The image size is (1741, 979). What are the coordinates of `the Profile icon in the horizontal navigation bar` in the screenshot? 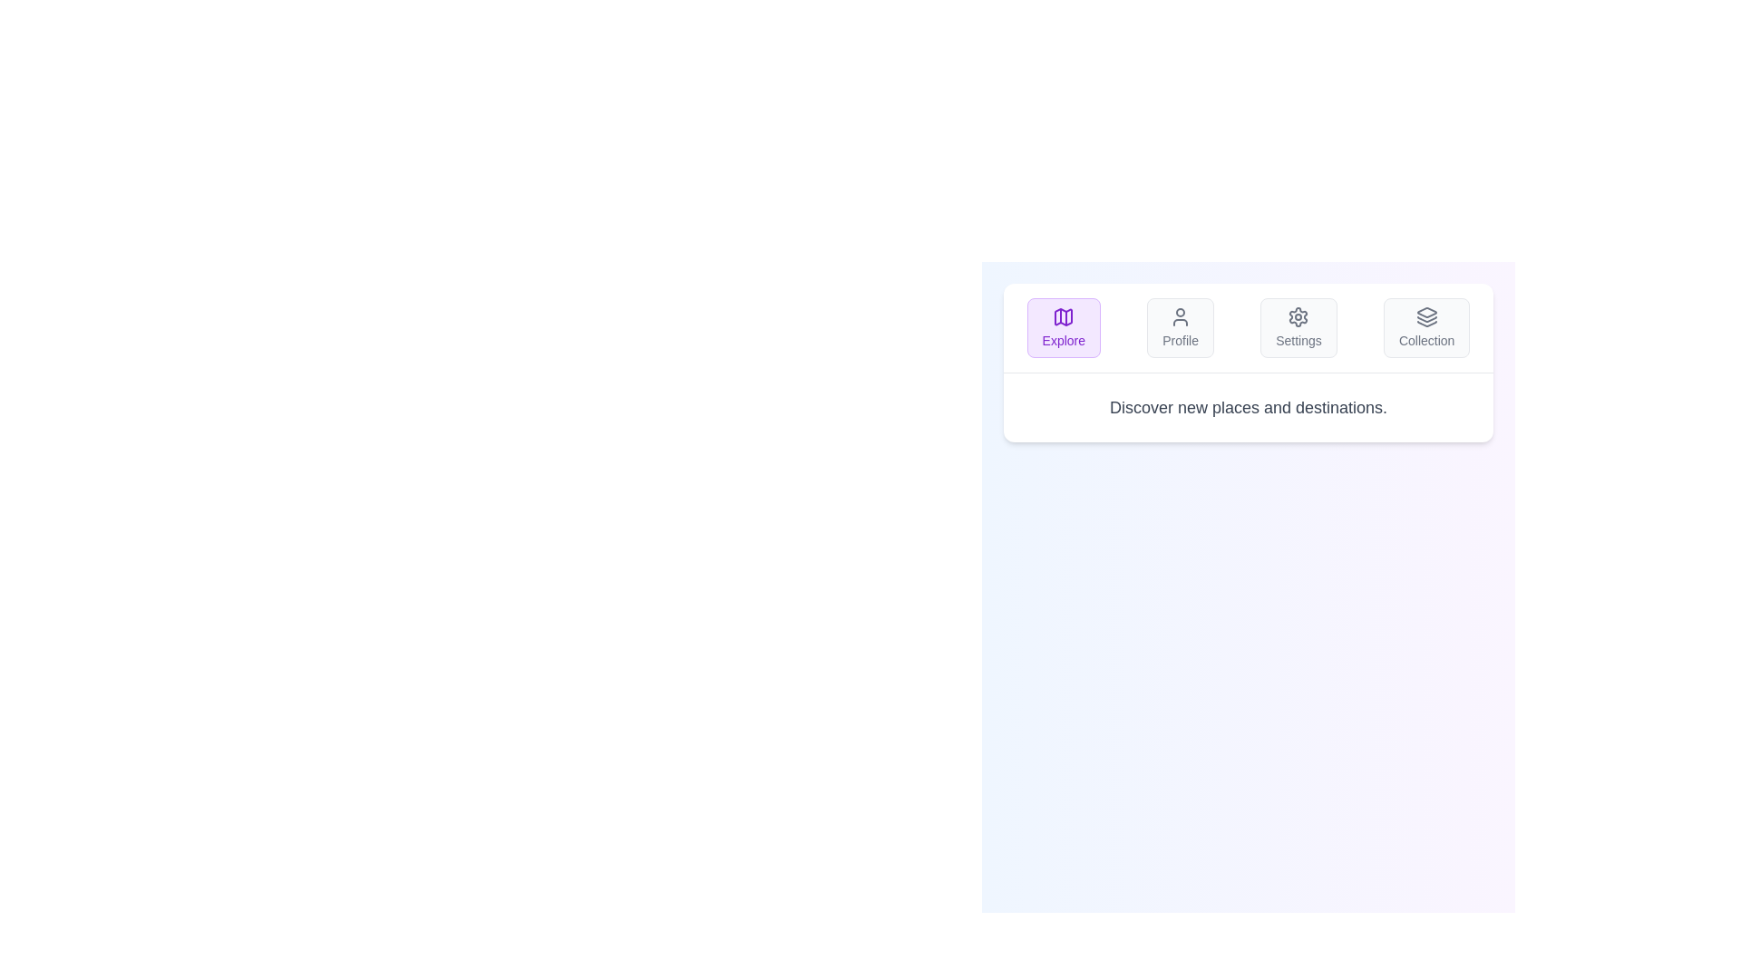 It's located at (1181, 316).